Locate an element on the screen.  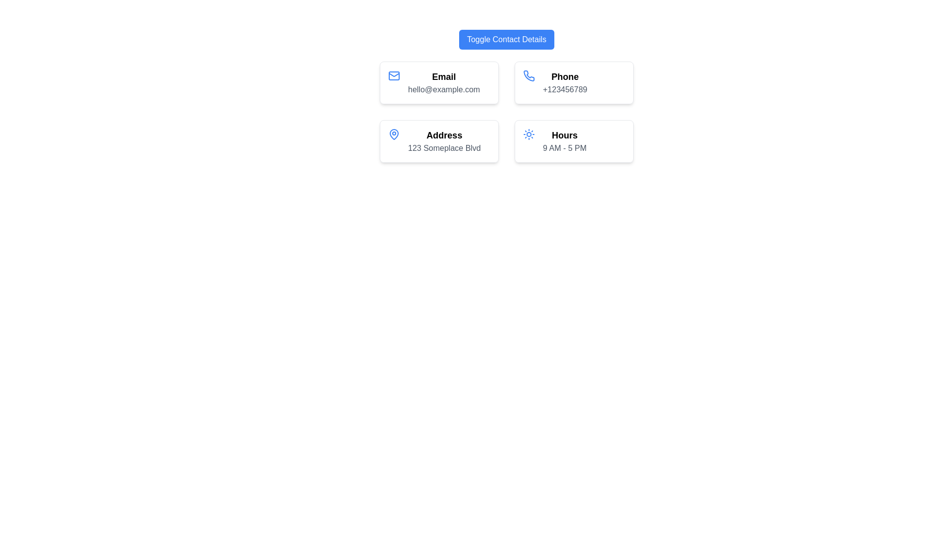
the text block displaying 'Address' and '123 Someplace Blvd.' located in the lower-left quadrant of the grid is located at coordinates (444, 141).